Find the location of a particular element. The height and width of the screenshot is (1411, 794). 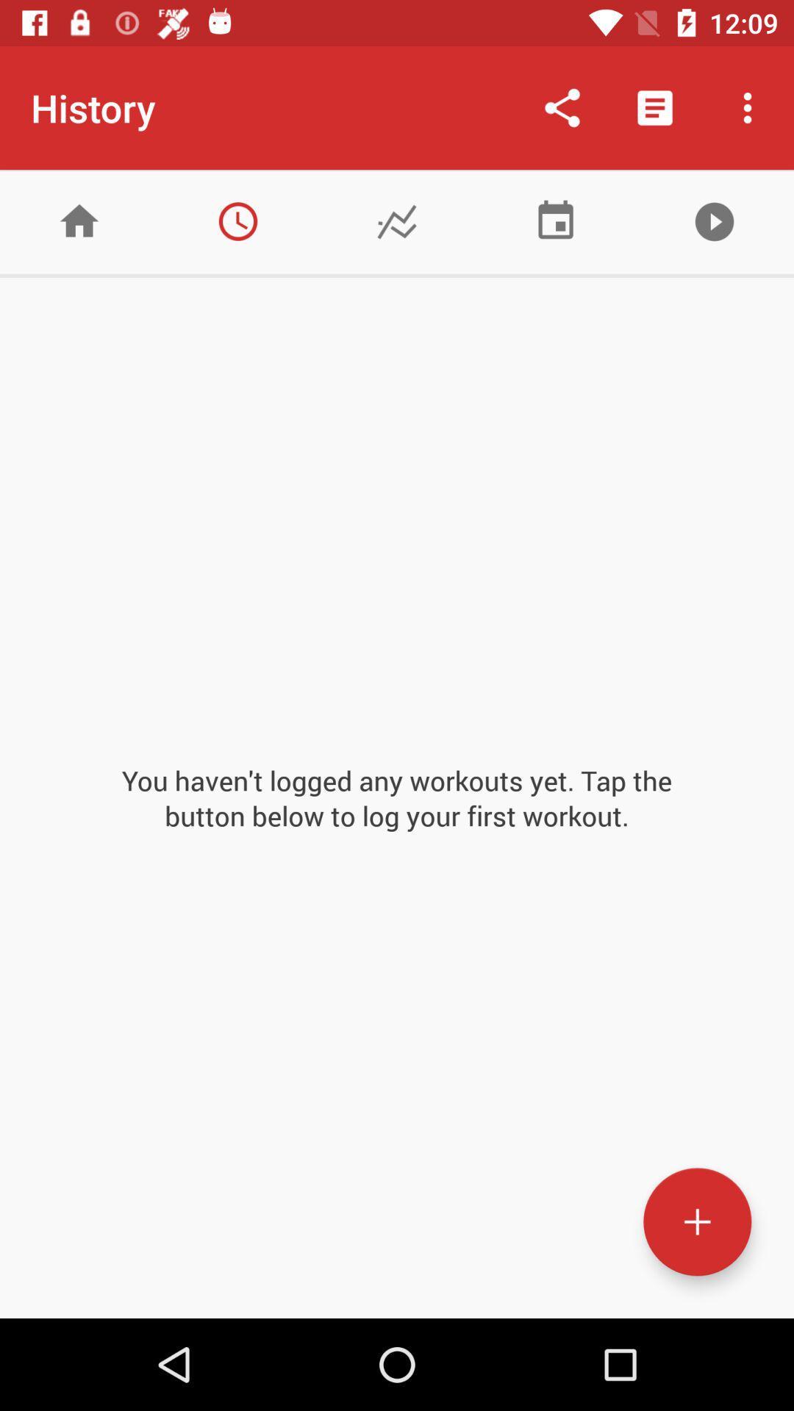

the button is used to view the playlist is located at coordinates (714, 220).